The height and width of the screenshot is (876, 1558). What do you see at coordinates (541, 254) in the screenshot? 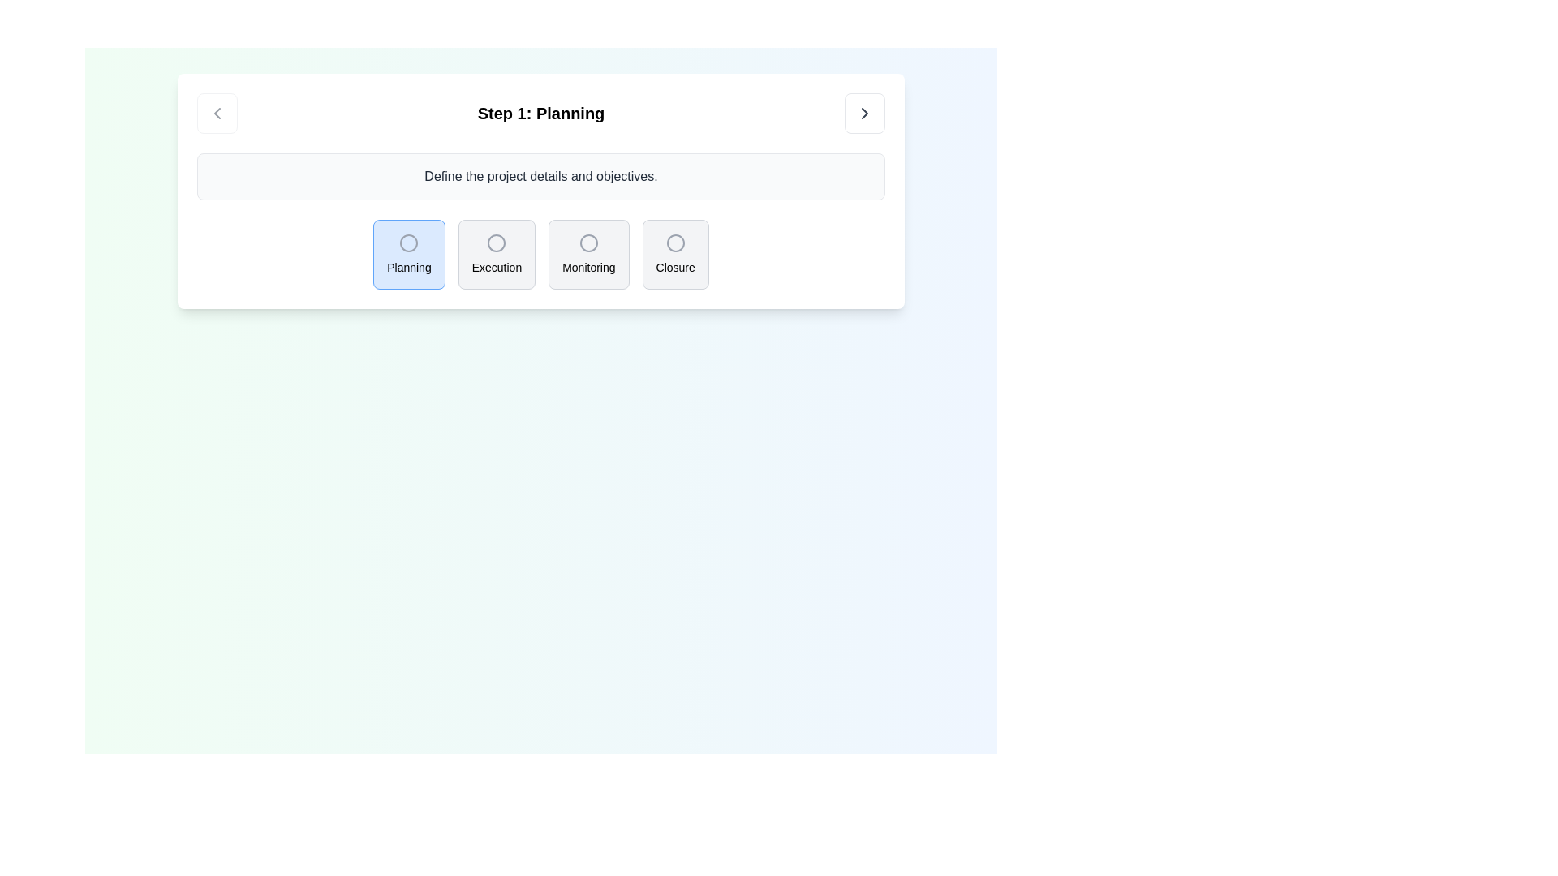
I see `the 'Execution' button in the button group under 'Step 1: Planning'` at bounding box center [541, 254].